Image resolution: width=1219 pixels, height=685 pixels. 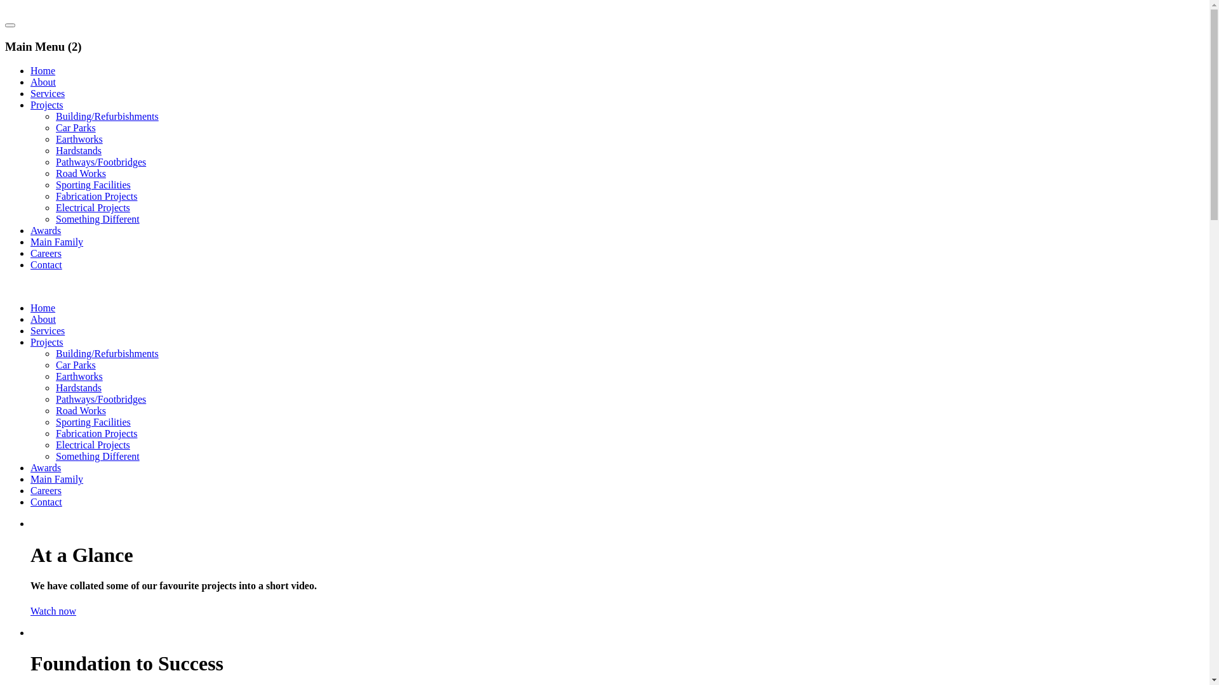 What do you see at coordinates (92, 444) in the screenshot?
I see `'Electrical Projects'` at bounding box center [92, 444].